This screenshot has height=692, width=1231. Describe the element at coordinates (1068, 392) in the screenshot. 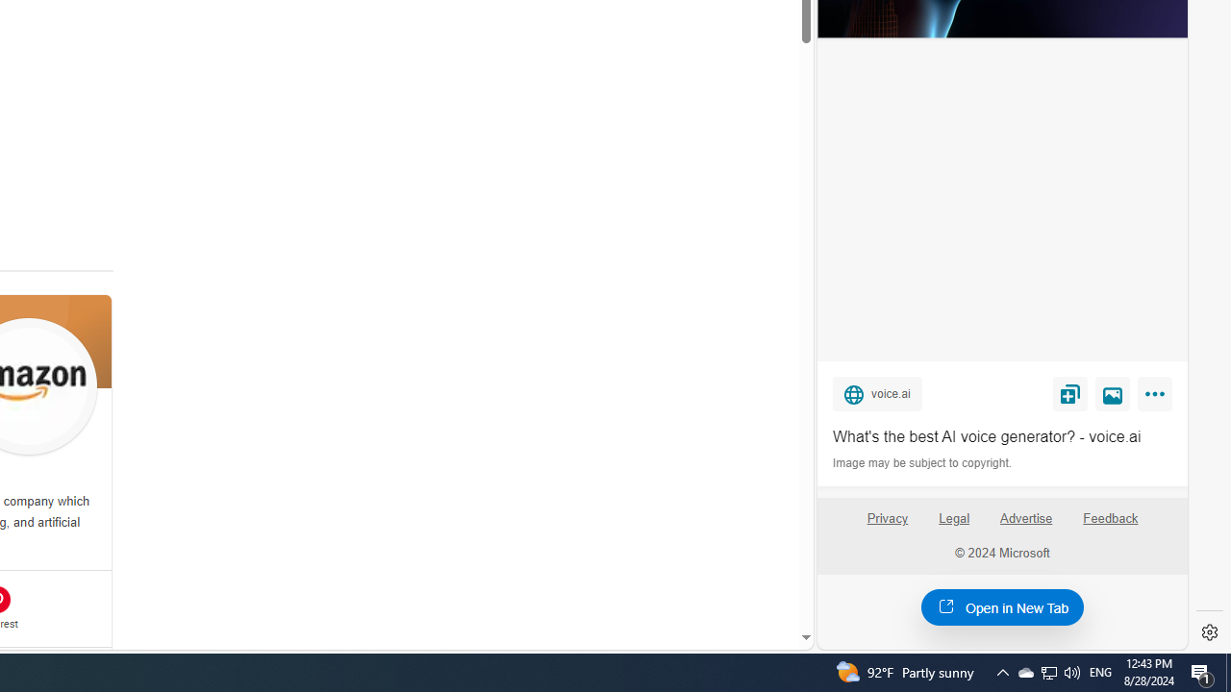

I see `'Save'` at that location.